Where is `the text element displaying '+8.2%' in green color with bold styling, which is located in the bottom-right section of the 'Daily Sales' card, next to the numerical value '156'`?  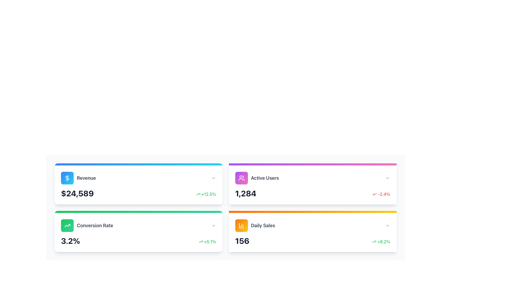 the text element displaying '+8.2%' in green color with bold styling, which is located in the bottom-right section of the 'Daily Sales' card, next to the numerical value '156' is located at coordinates (381, 241).